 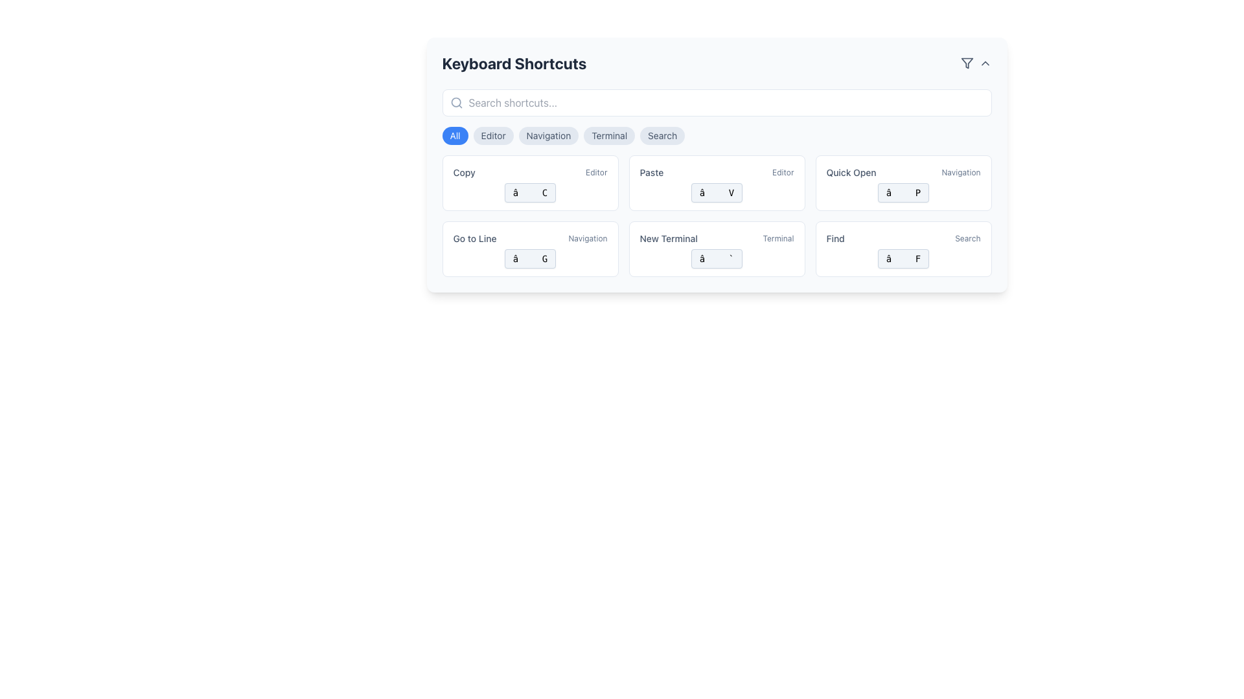 What do you see at coordinates (961, 172) in the screenshot?
I see `the text label located on the right-hand side of the 'Quick Open' title, which serves as a contextual label for the associated content` at bounding box center [961, 172].